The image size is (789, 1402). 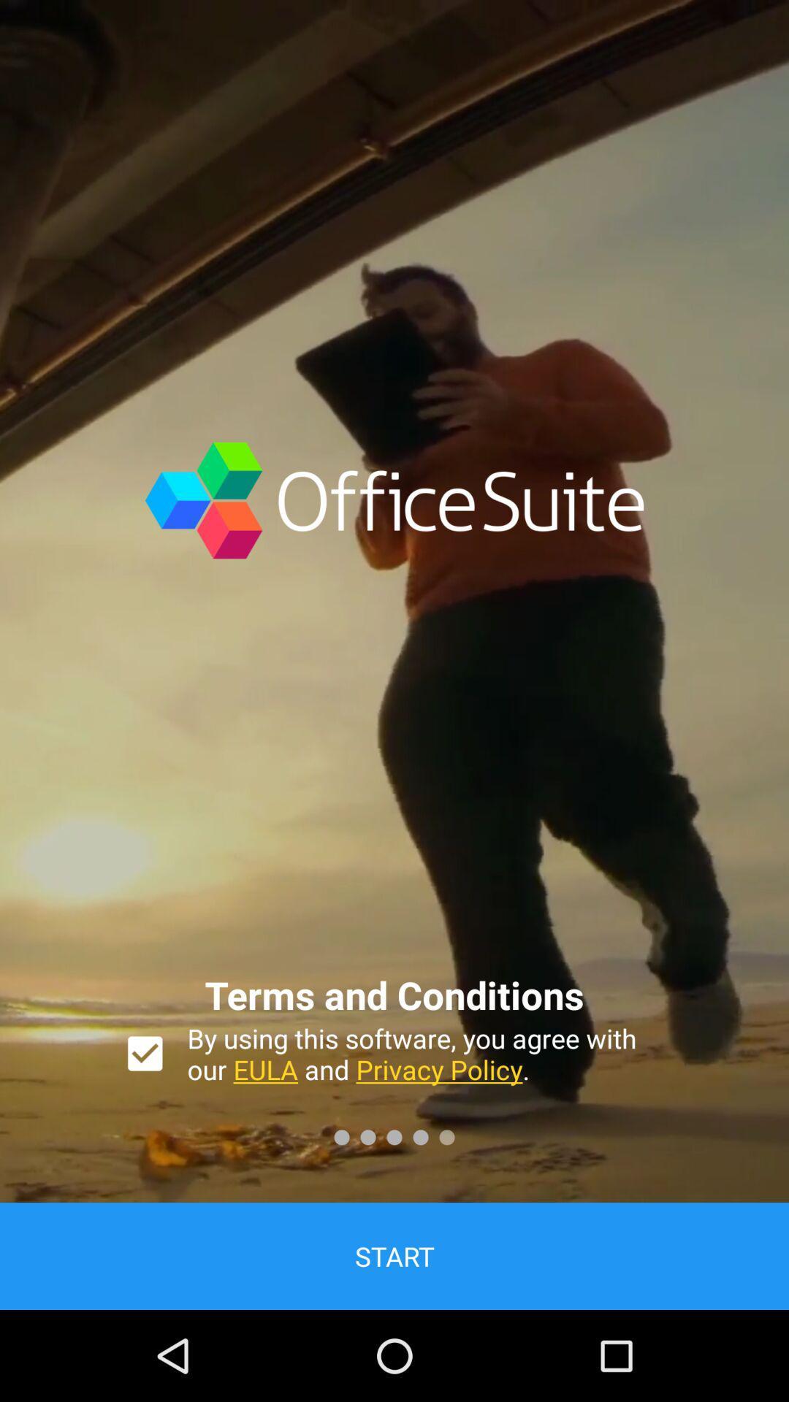 What do you see at coordinates (145, 1054) in the screenshot?
I see `button` at bounding box center [145, 1054].